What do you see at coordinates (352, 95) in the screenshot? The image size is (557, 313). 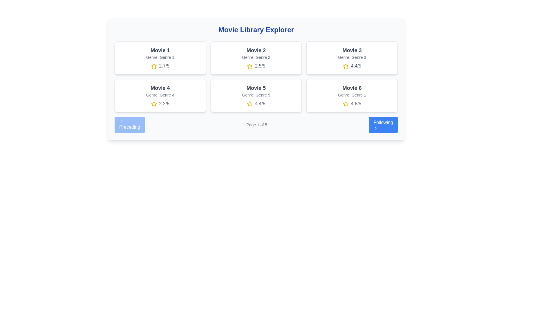 I see `the card that displays 'Movie 6', which is the third card in the second row of the grid layout, featuring a light background, a subtle shadow, and rating information with '4.8/5' and a yellow star icon` at bounding box center [352, 95].